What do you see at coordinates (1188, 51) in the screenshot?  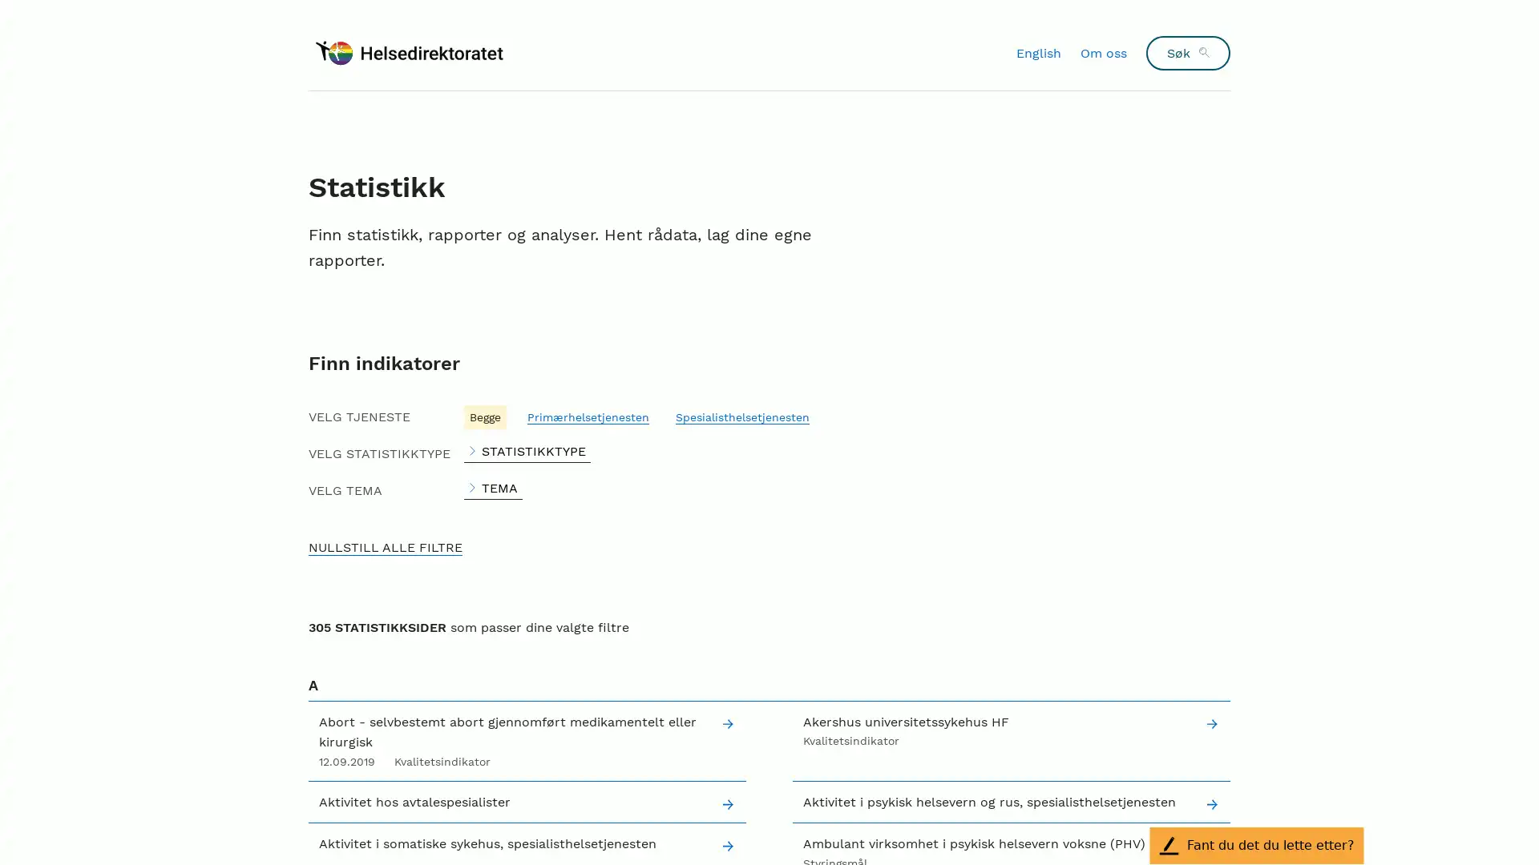 I see `Sk` at bounding box center [1188, 51].